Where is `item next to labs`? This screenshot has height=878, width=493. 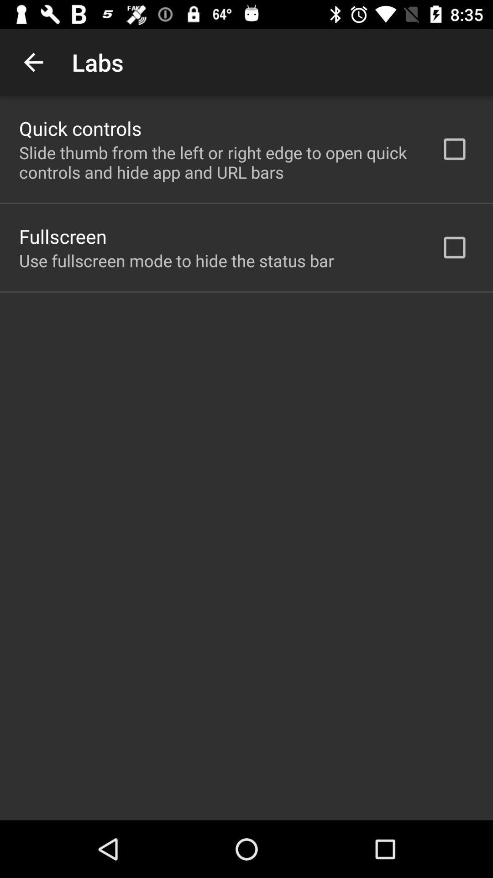 item next to labs is located at coordinates (33, 62).